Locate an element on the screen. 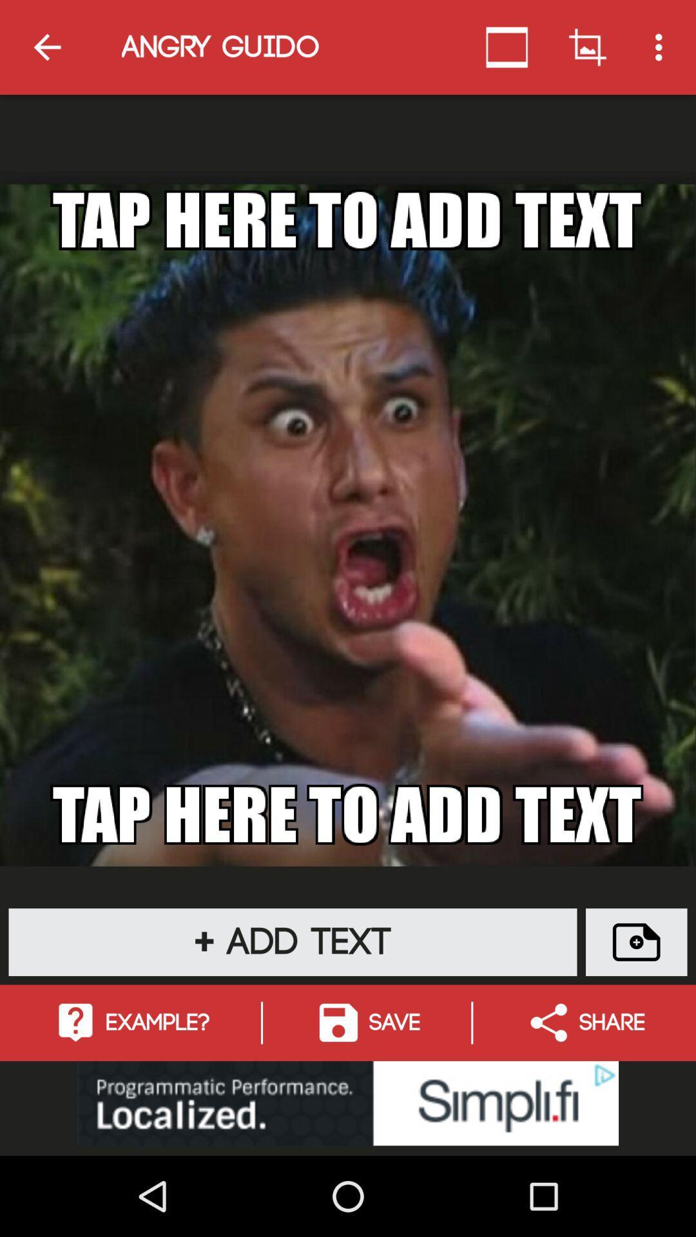 The height and width of the screenshot is (1237, 696). advertisement is located at coordinates (348, 1102).